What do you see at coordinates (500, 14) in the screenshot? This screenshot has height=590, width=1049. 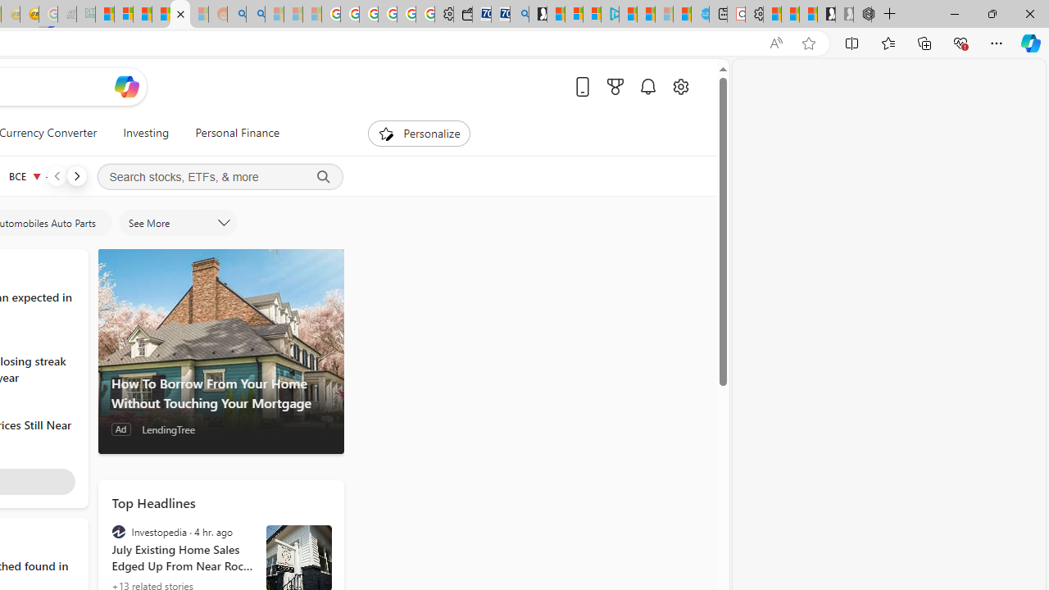 I see `'Cheap Car Rentals - Save70.com'` at bounding box center [500, 14].